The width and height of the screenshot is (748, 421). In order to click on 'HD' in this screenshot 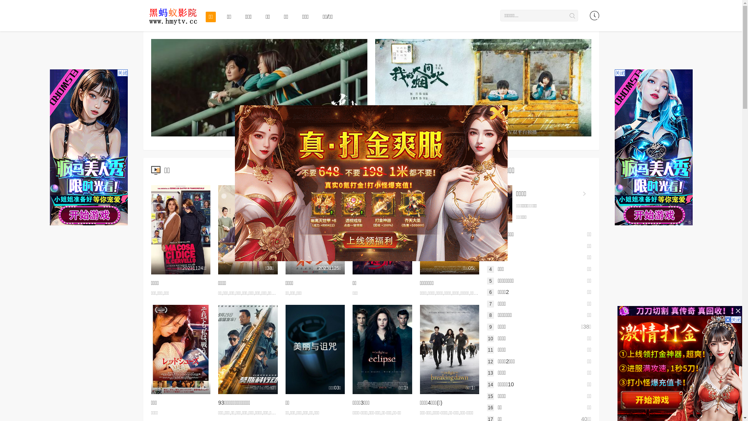, I will do `click(180, 349)`.